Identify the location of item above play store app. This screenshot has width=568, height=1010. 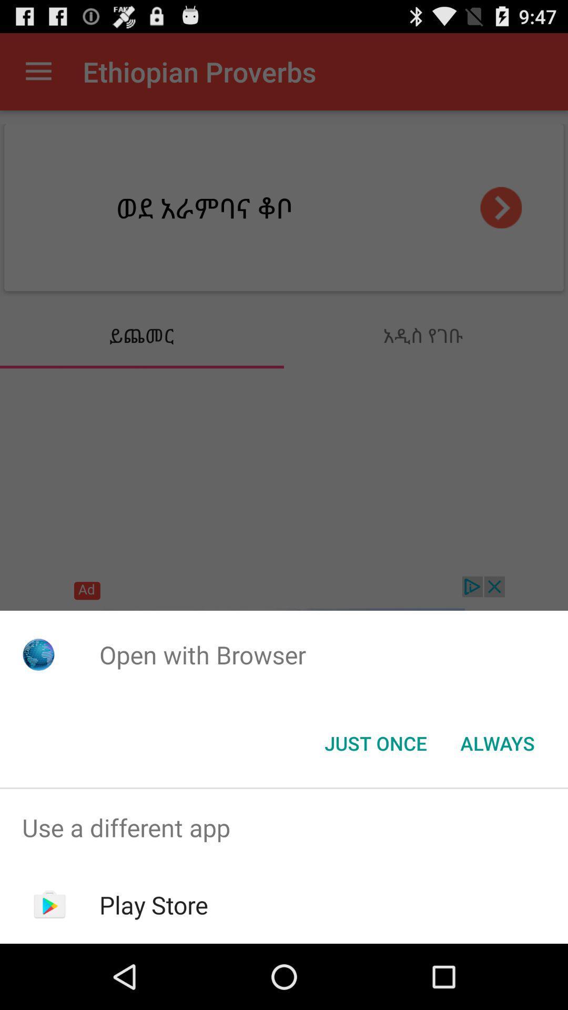
(284, 827).